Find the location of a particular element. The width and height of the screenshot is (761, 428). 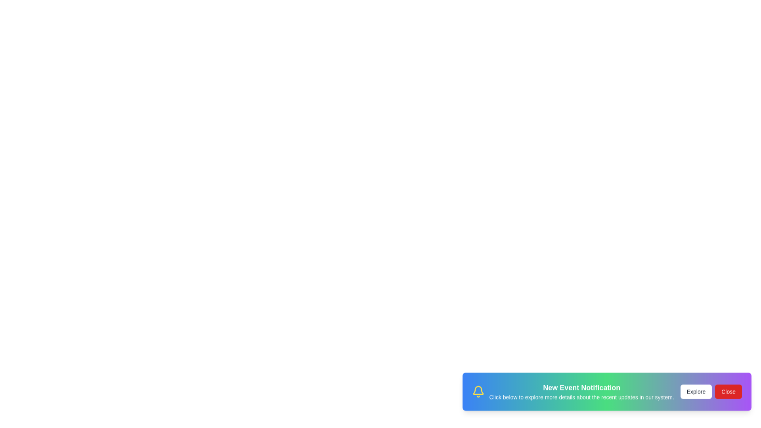

the bell icon to inspect it is located at coordinates (478, 396).